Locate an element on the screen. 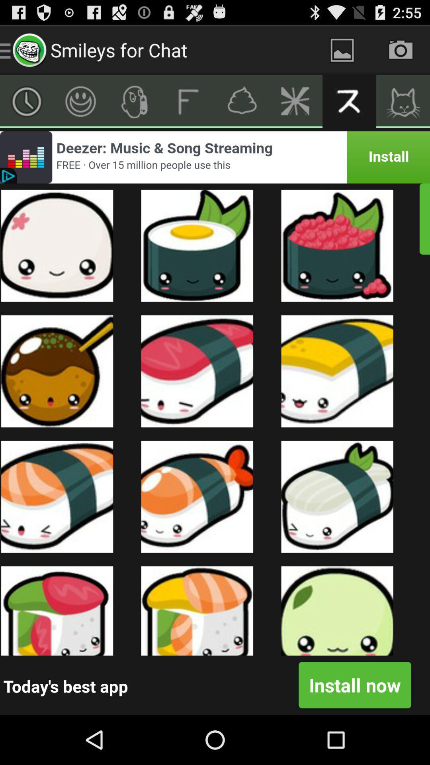 Image resolution: width=430 pixels, height=765 pixels. advert is located at coordinates (215, 157).